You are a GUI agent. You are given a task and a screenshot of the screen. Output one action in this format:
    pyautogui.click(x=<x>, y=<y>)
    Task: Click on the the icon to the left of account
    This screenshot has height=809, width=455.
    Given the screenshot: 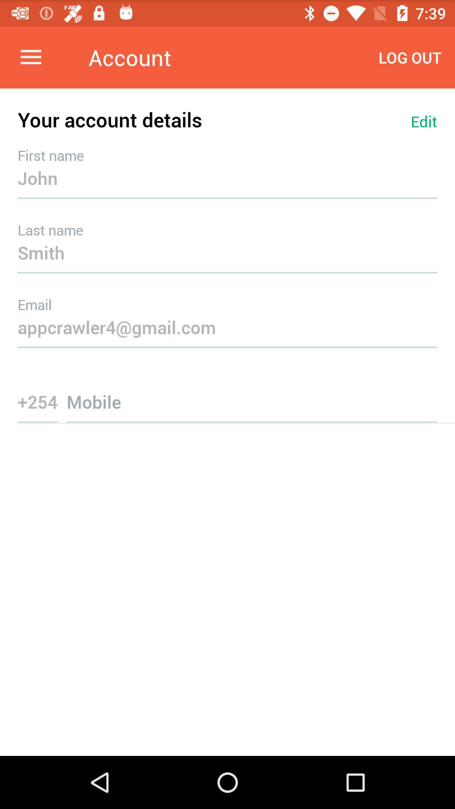 What is the action you would take?
    pyautogui.click(x=30, y=57)
    